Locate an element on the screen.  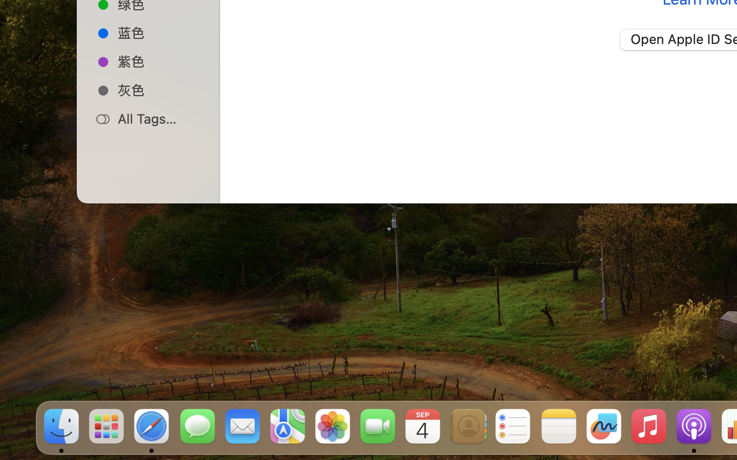
'蓝色' is located at coordinates (159, 32).